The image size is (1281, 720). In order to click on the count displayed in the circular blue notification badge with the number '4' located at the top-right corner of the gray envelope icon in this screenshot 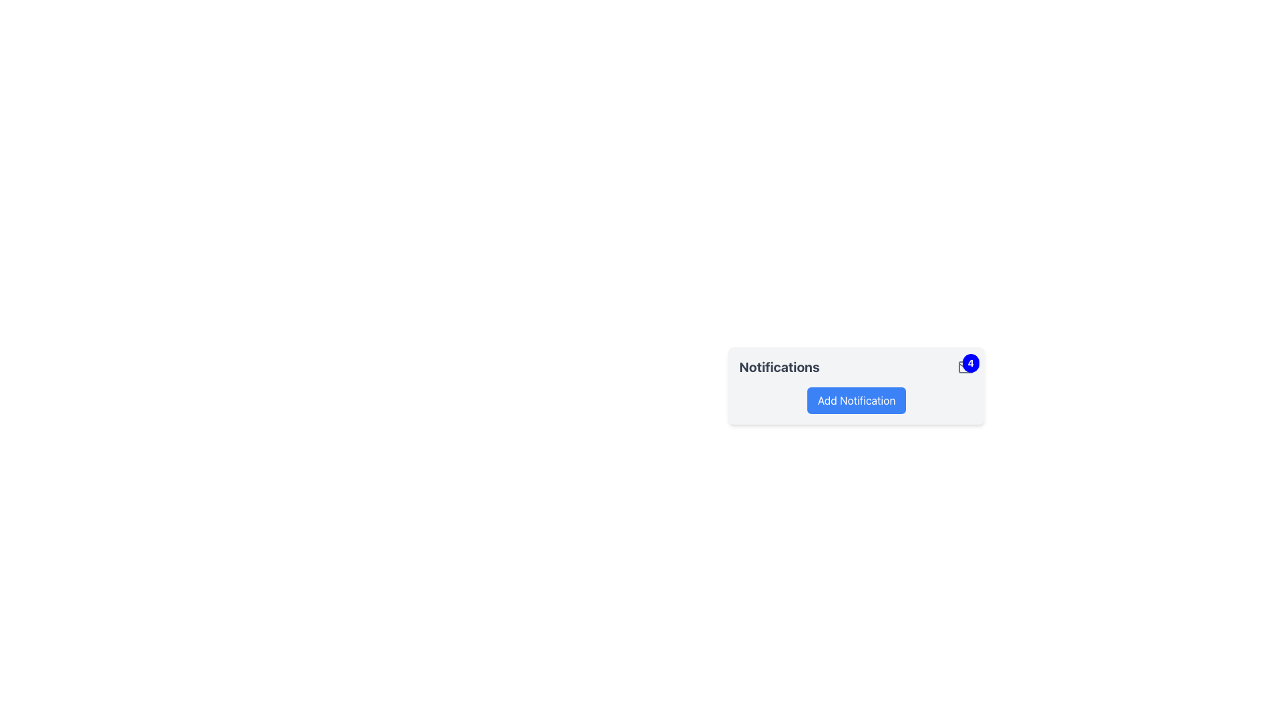, I will do `click(966, 367)`.